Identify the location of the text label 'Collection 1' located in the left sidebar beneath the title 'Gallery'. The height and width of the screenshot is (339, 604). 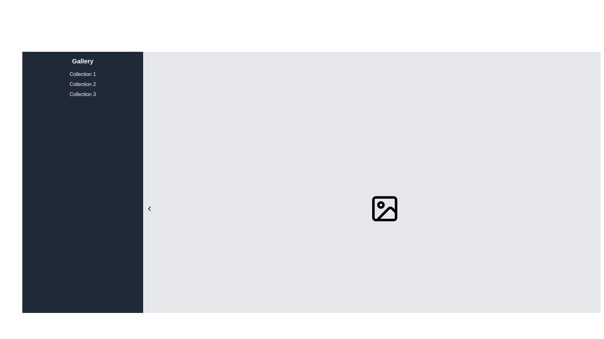
(82, 74).